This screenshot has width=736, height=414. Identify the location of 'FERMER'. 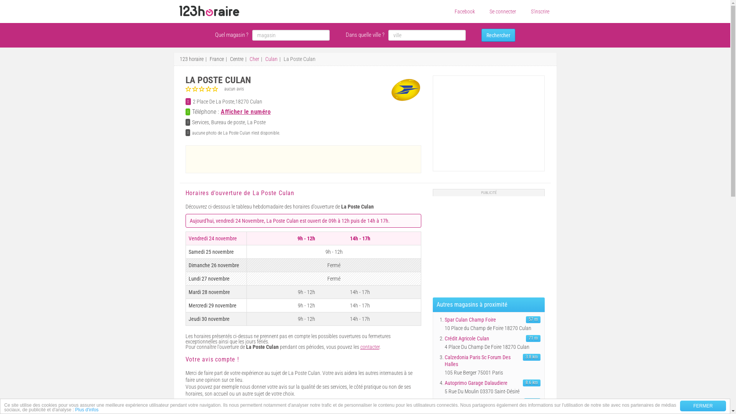
(703, 406).